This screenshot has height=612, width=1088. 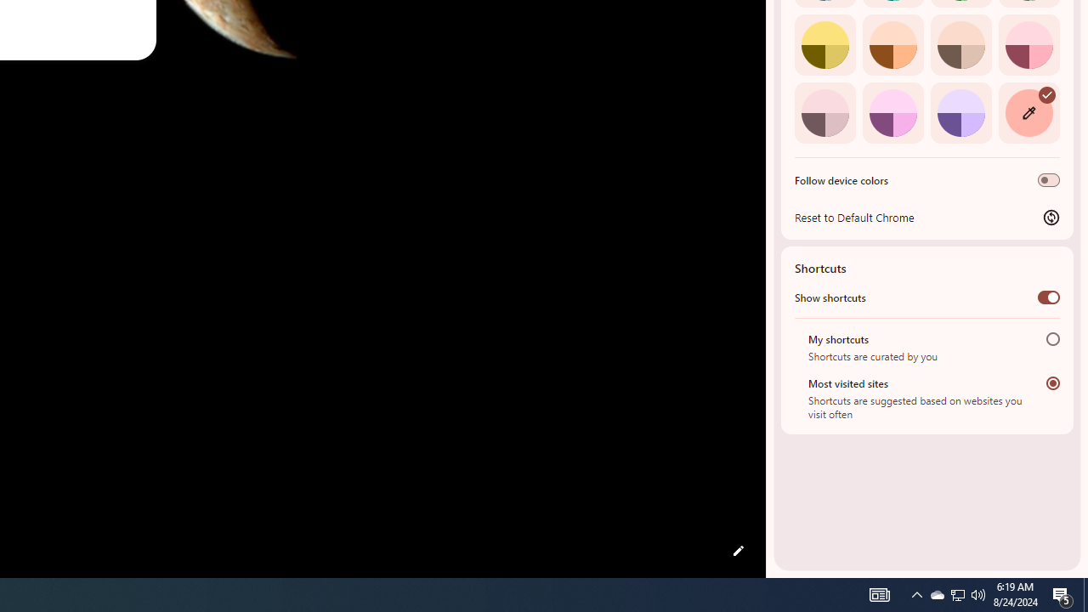 I want to click on 'Violet', so click(x=960, y=112).